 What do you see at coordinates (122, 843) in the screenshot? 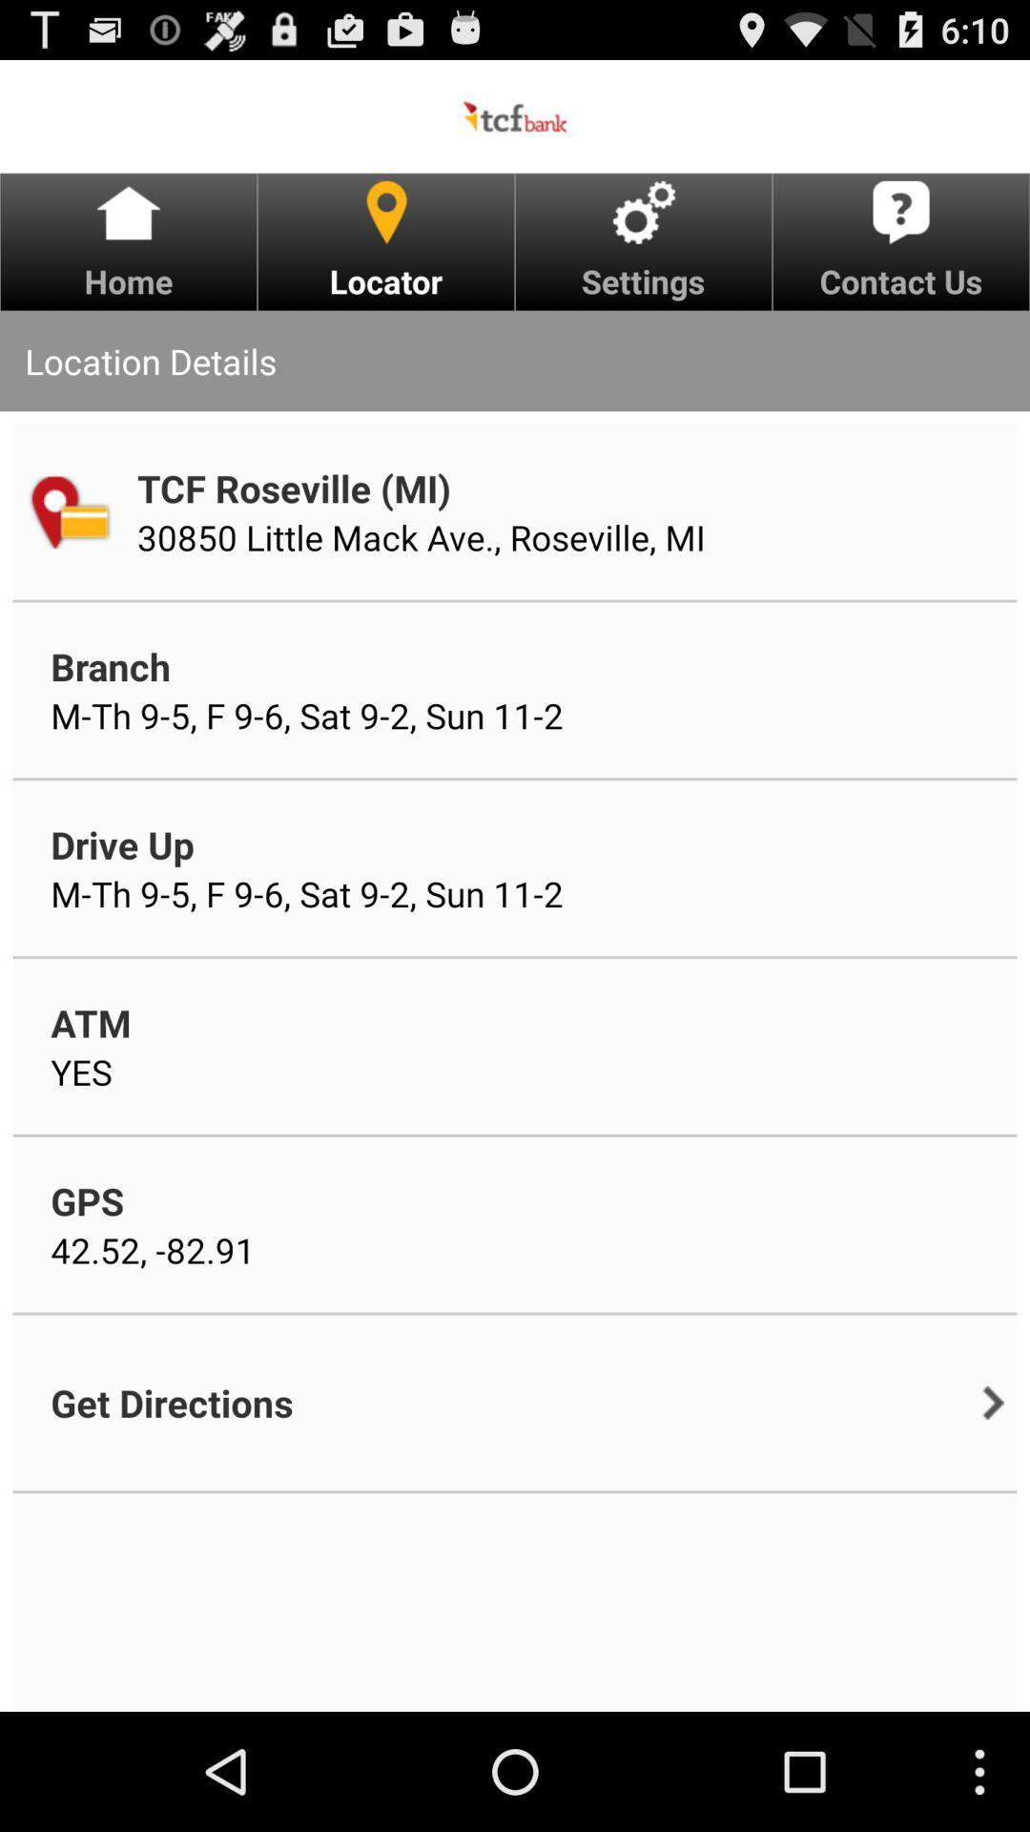
I see `the drive up icon` at bounding box center [122, 843].